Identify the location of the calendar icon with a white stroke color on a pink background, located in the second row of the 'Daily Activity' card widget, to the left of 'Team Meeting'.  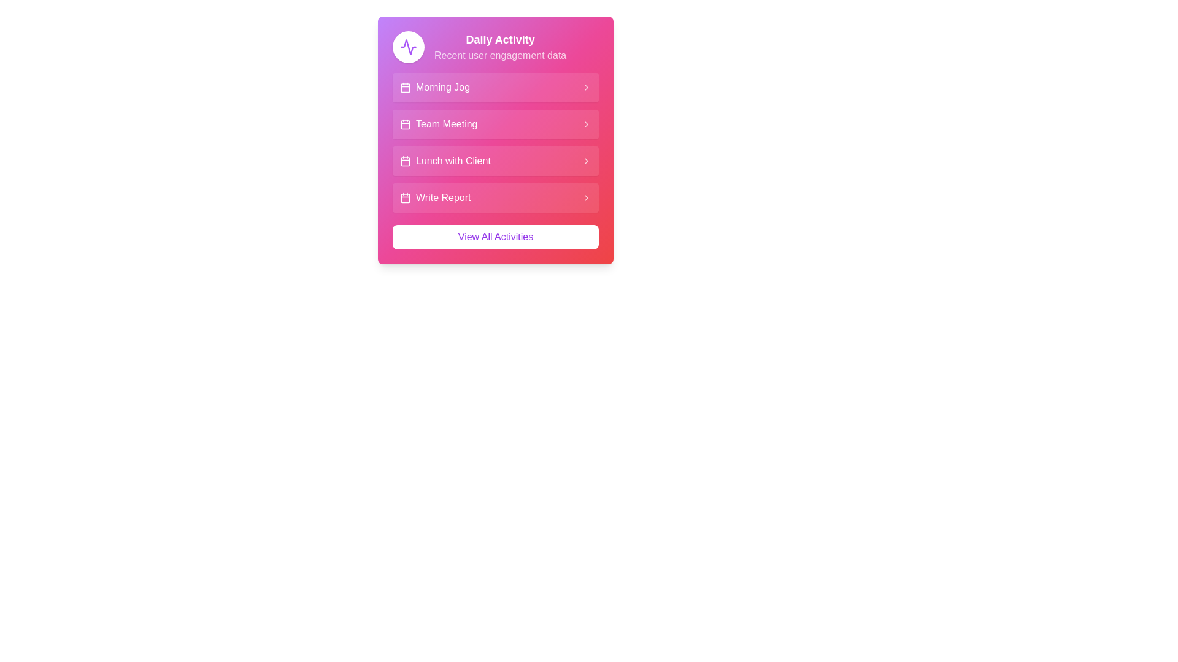
(406, 124).